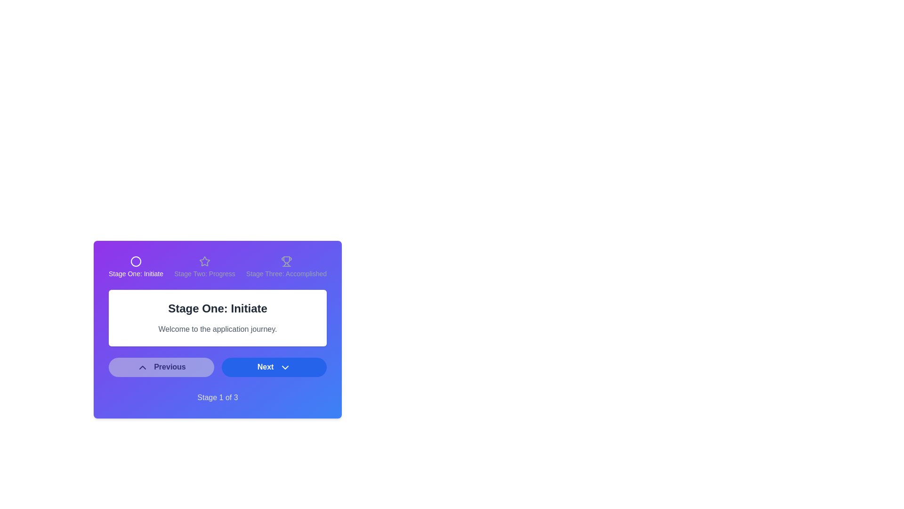 The width and height of the screenshot is (904, 509). What do you see at coordinates (142, 367) in the screenshot?
I see `the upward-directed chevron icon within the 'Previous' button group located on the left side of the interface near the bottom of the main card` at bounding box center [142, 367].